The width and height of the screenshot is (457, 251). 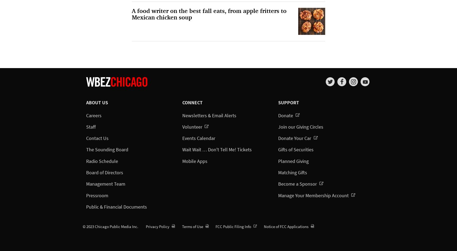 I want to click on 'Donate Your Car', so click(x=295, y=138).